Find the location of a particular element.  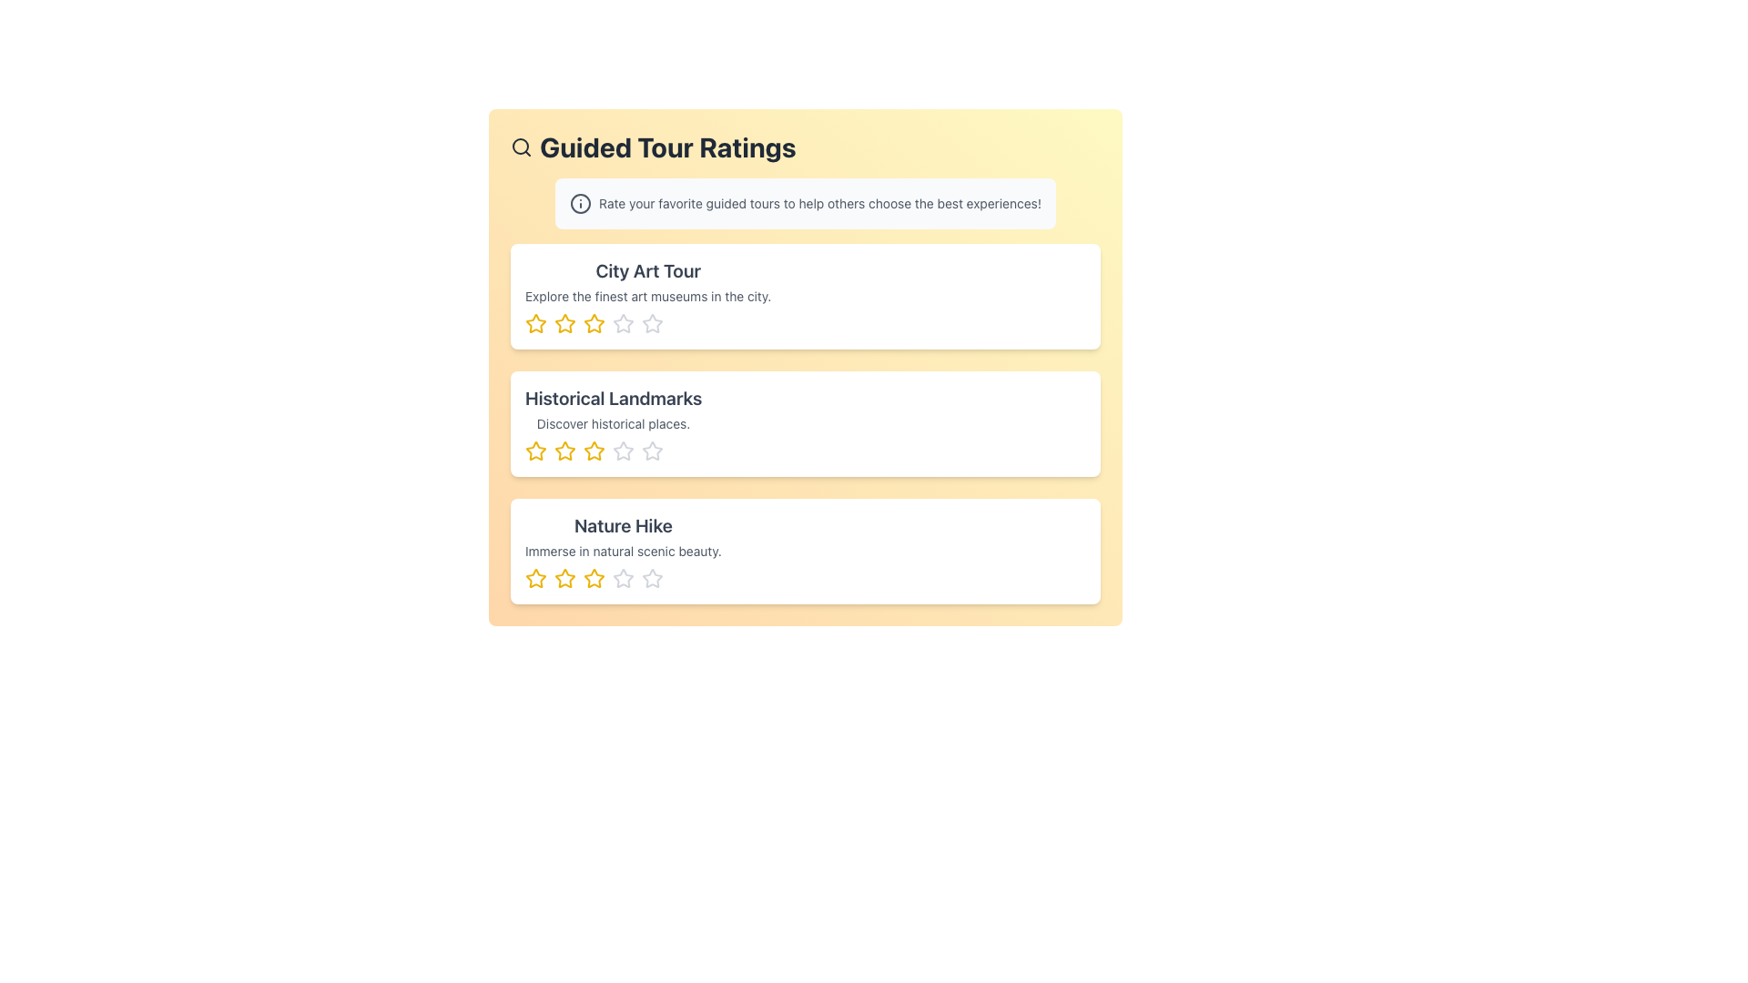

the first star icon in the rating system for the 'Nature Hike' section is located at coordinates (535, 578).